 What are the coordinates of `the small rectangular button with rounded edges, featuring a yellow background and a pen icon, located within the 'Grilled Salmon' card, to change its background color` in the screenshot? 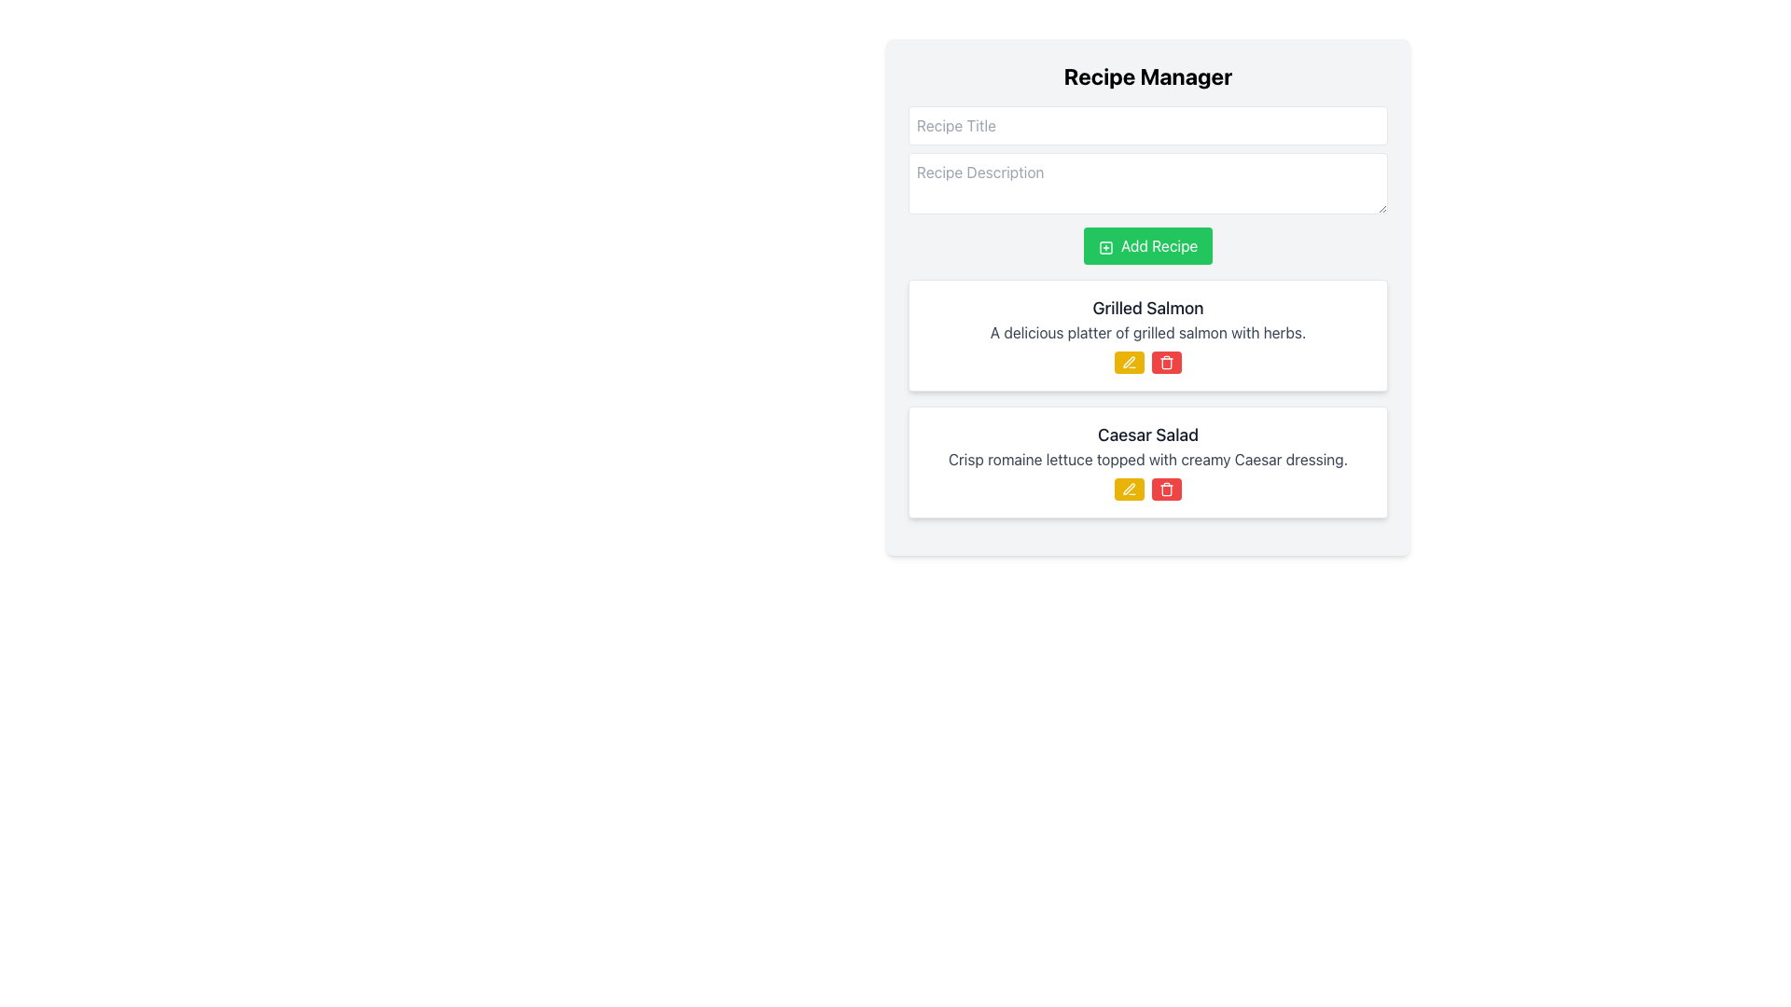 It's located at (1128, 363).